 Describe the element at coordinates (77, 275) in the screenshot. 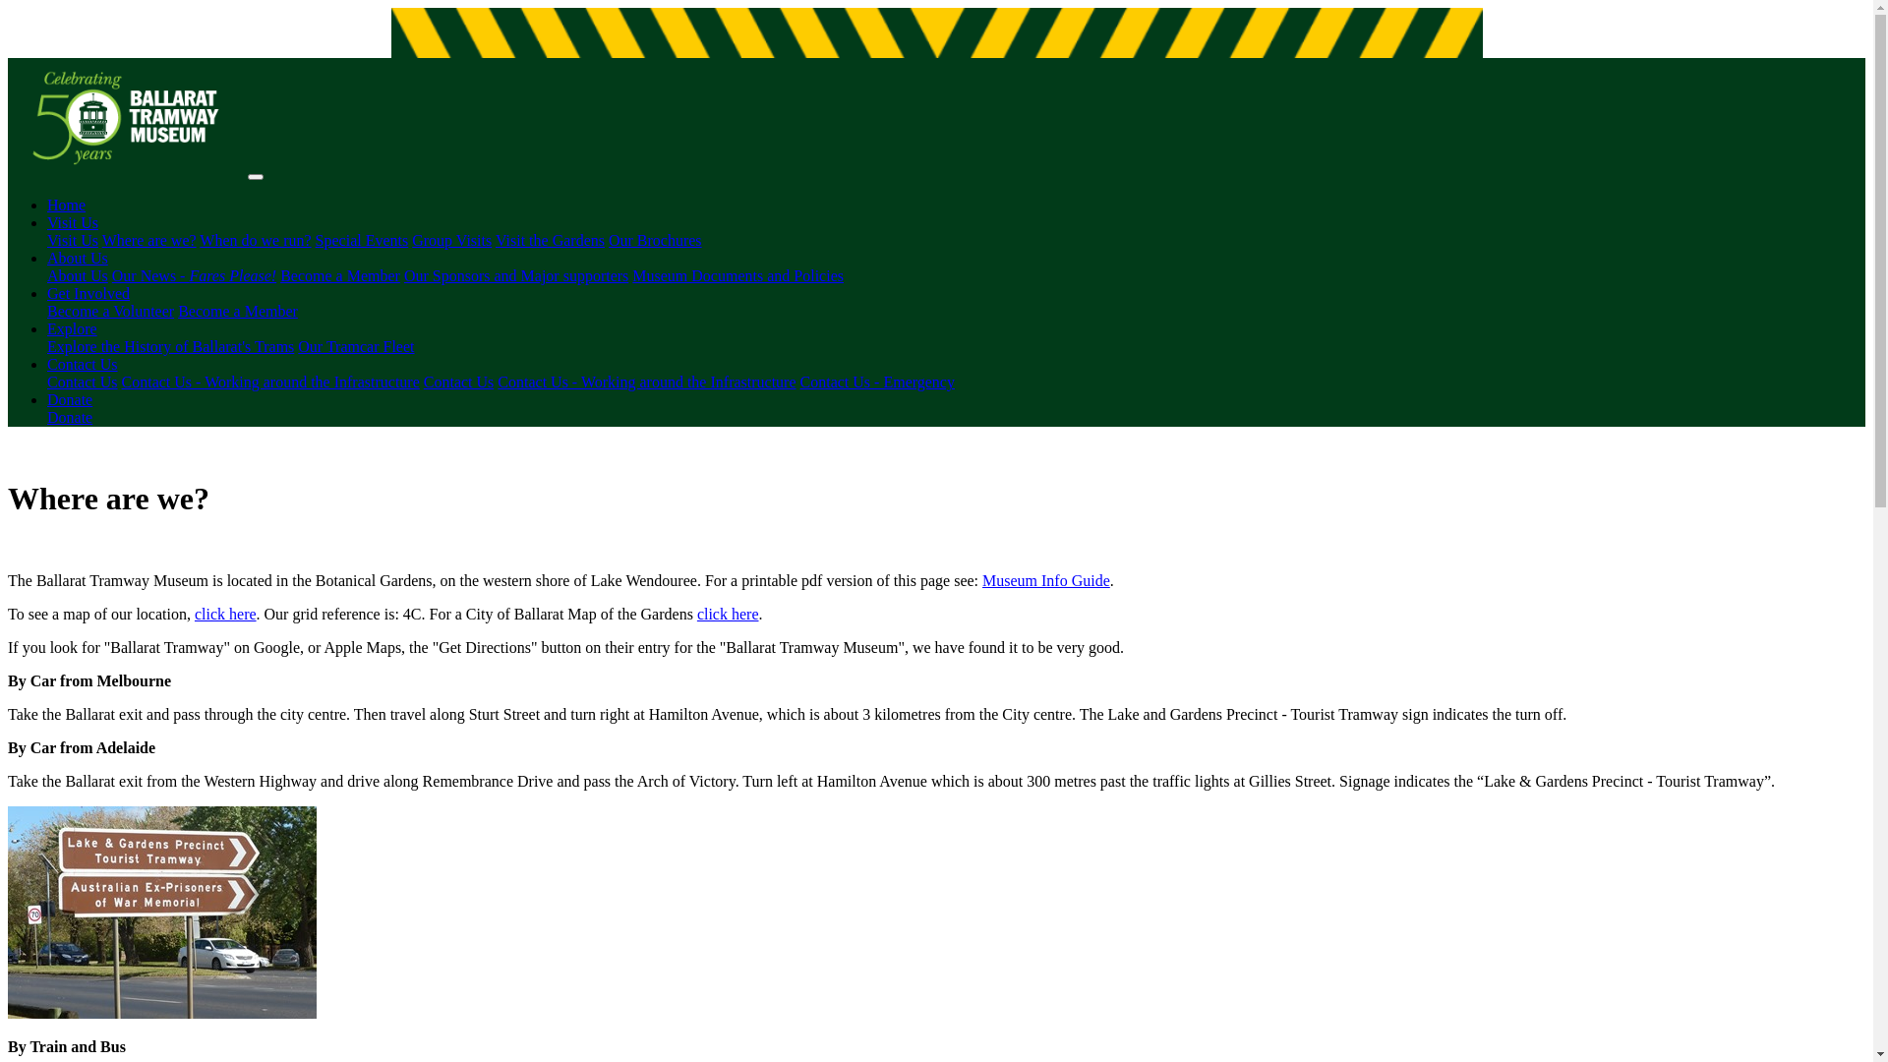

I see `'About Us'` at that location.